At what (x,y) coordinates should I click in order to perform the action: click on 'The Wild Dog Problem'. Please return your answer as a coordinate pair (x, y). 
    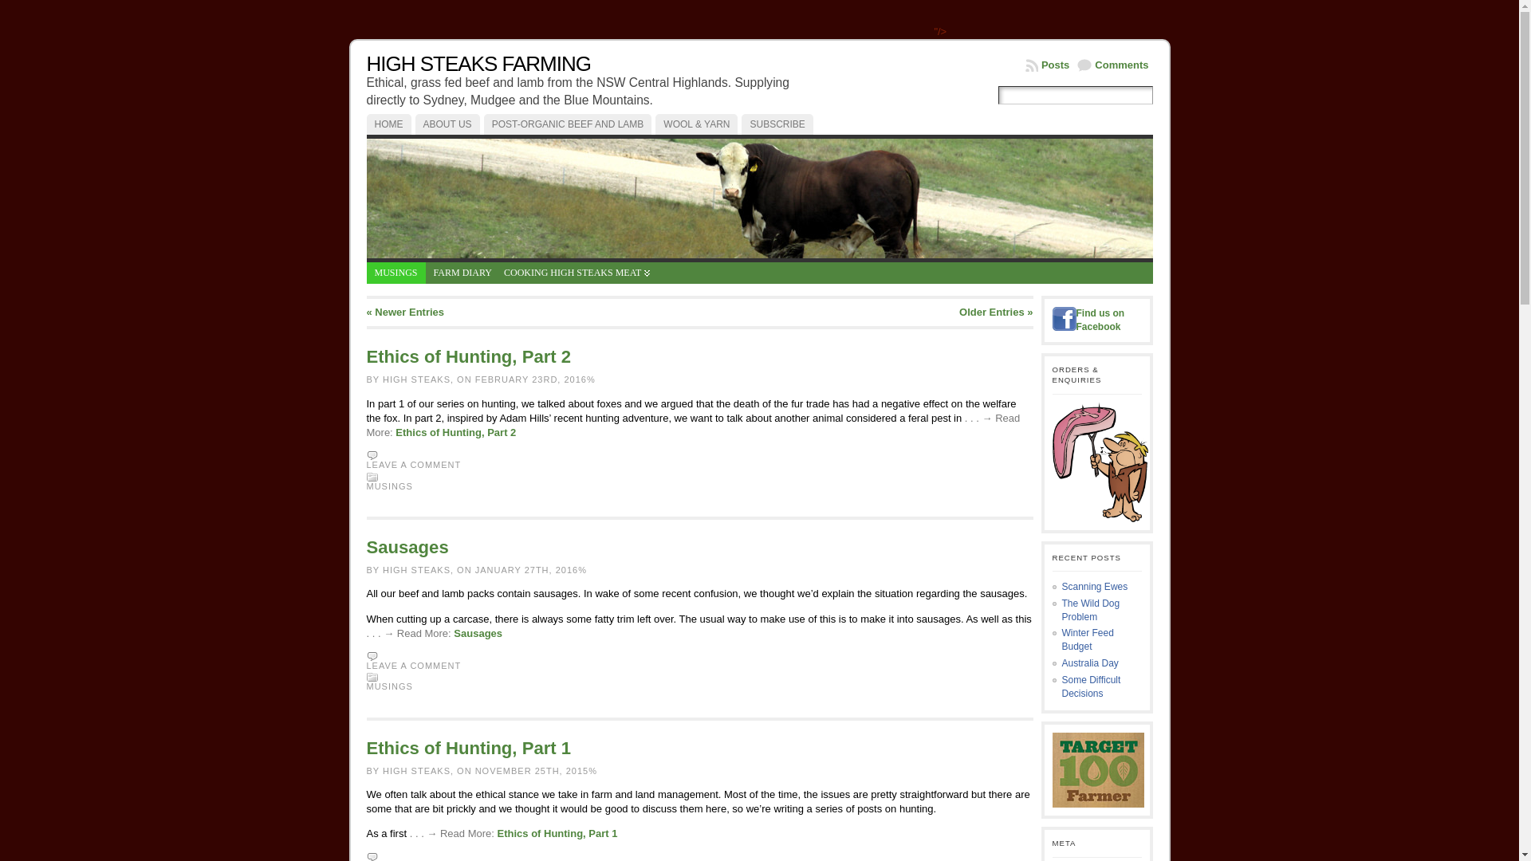
    Looking at the image, I should click on (1090, 610).